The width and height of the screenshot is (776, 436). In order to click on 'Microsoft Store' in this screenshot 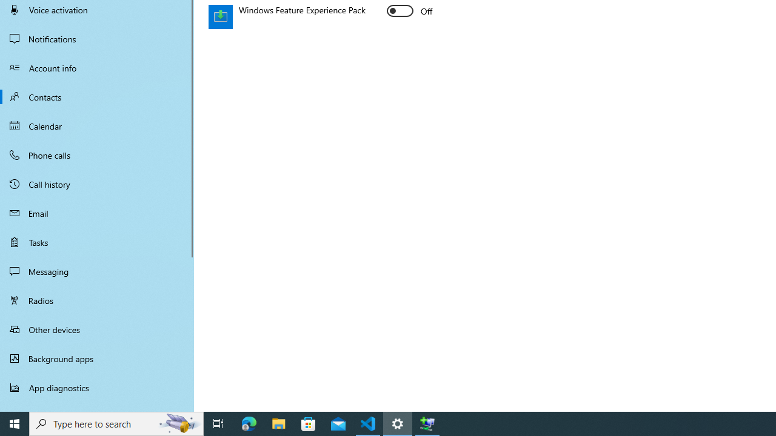, I will do `click(309, 423)`.